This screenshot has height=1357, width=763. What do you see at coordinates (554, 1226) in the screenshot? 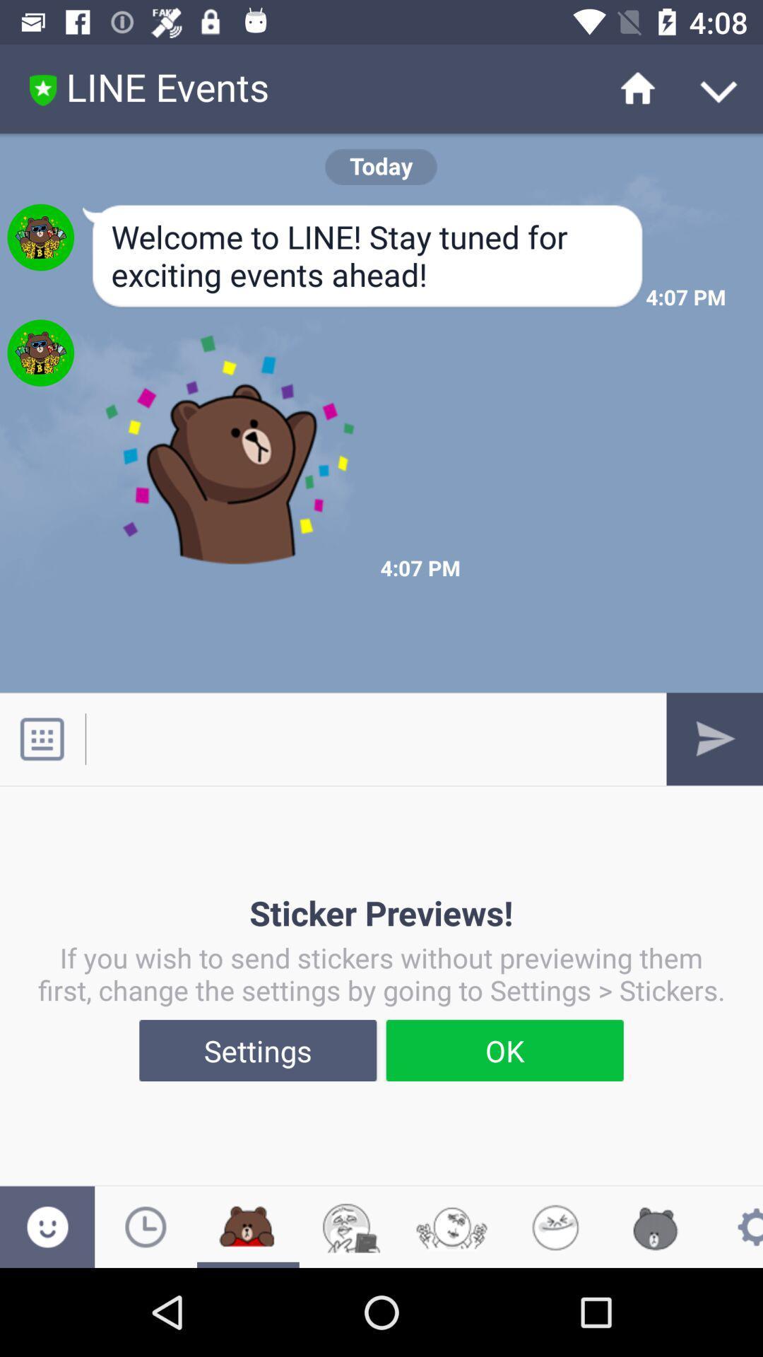
I see `the emoji icon` at bounding box center [554, 1226].